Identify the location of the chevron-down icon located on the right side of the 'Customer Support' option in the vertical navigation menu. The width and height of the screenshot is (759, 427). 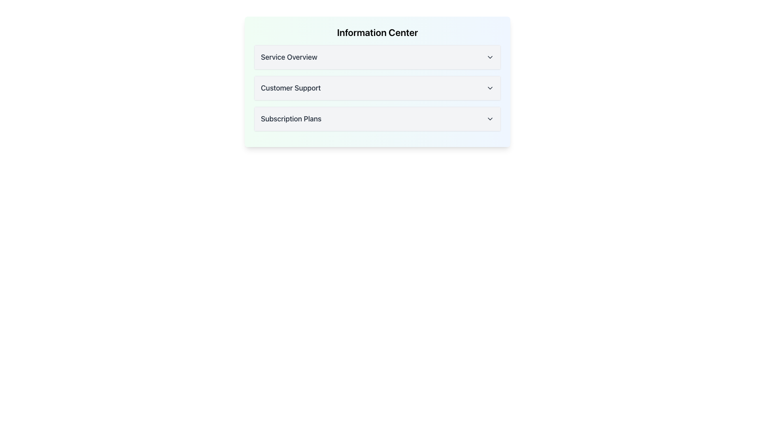
(489, 88).